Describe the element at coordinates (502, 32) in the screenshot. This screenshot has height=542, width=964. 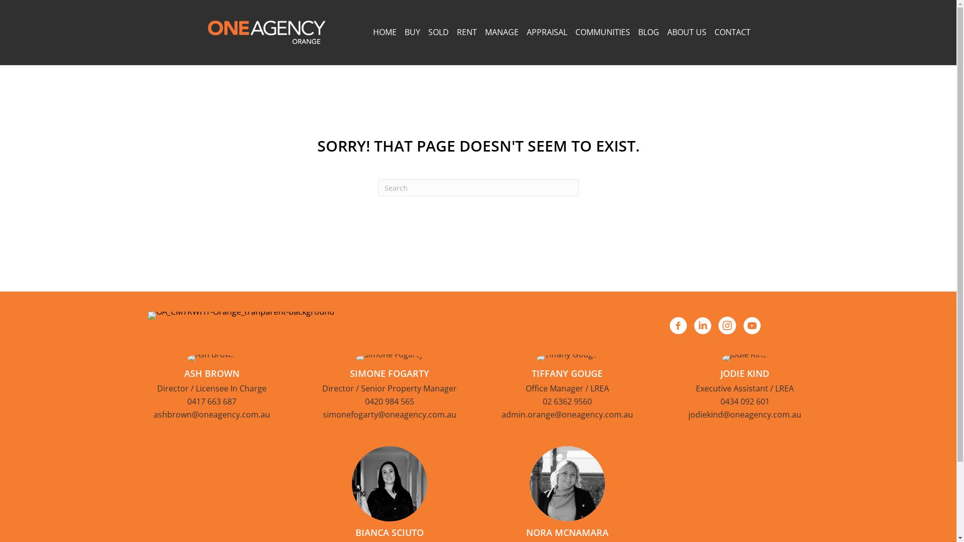
I see `'MANAGE'` at that location.